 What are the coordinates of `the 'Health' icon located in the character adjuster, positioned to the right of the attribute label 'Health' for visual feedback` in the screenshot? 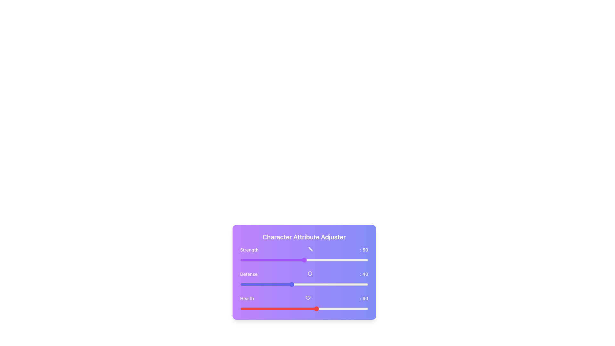 It's located at (308, 298).